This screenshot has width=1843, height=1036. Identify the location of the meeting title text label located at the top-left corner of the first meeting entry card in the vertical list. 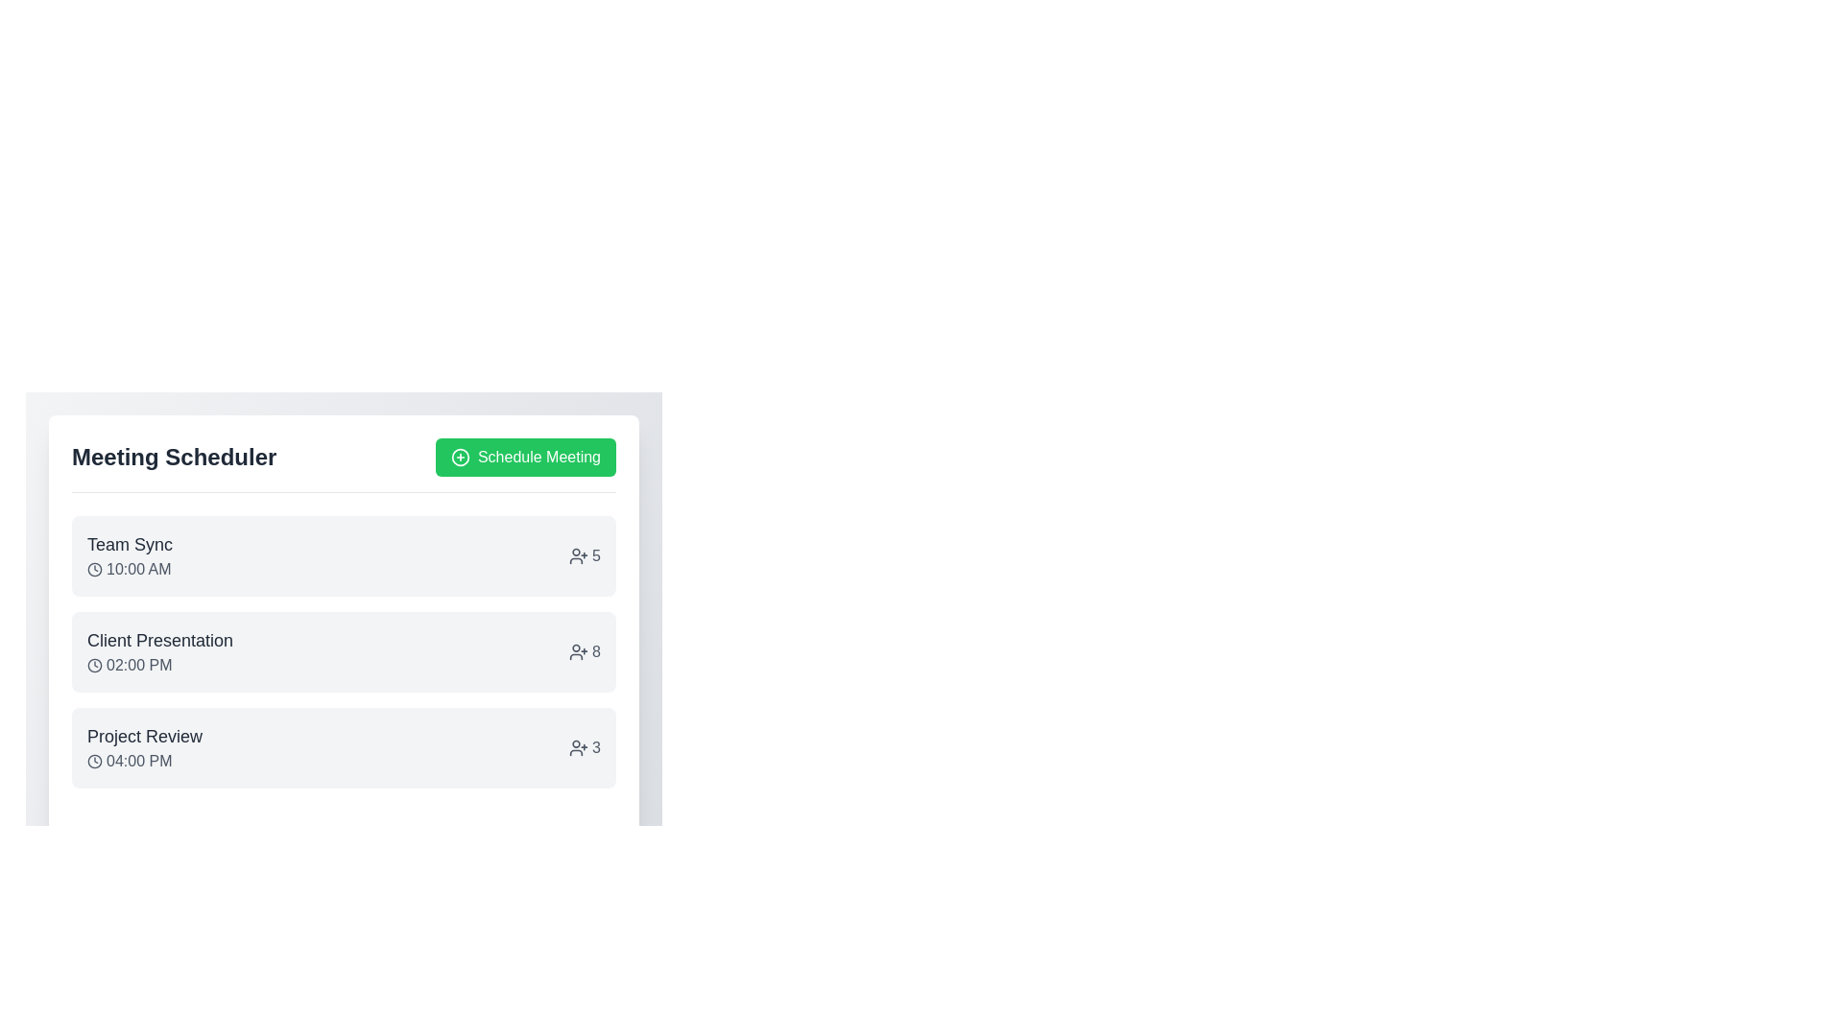
(129, 544).